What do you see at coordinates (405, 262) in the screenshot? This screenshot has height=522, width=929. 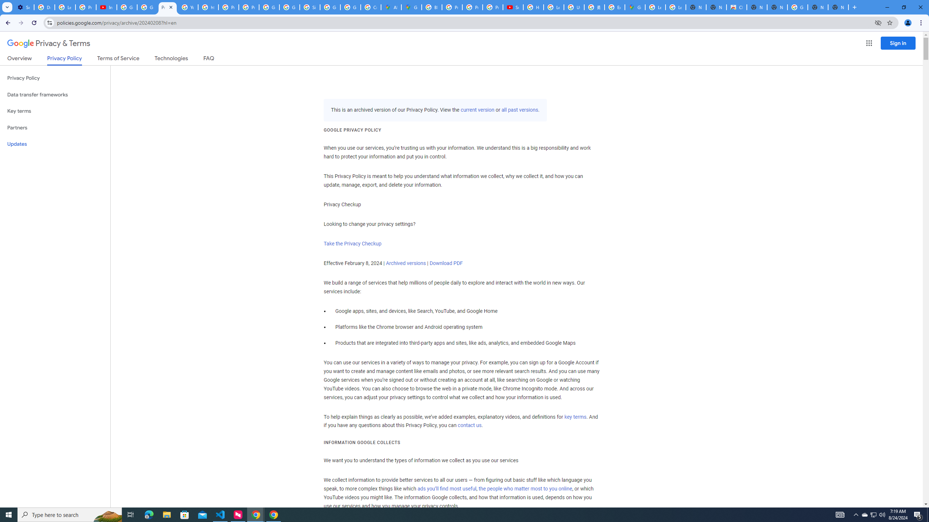 I see `'Archived versions'` at bounding box center [405, 262].